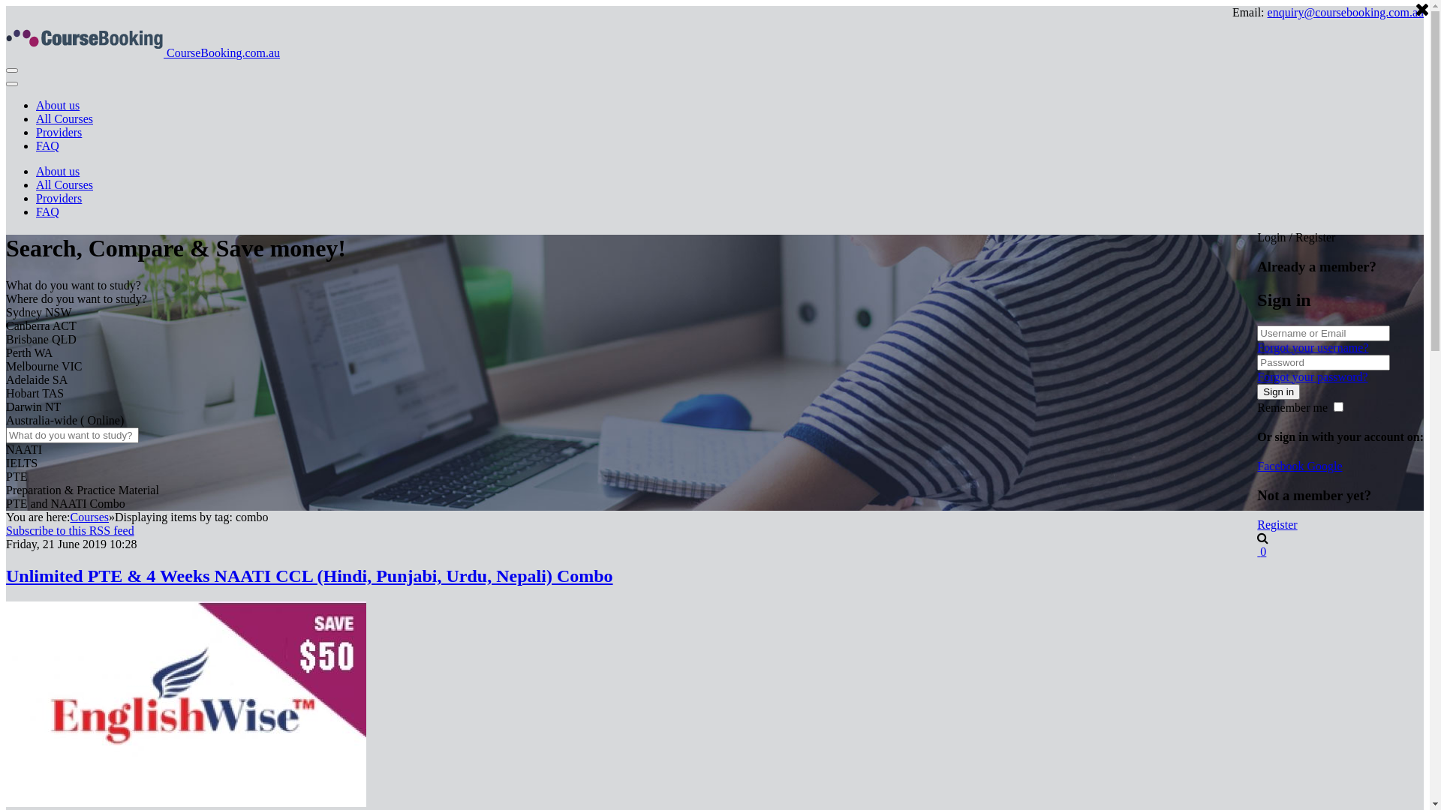 This screenshot has height=810, width=1441. I want to click on 'Forgot your password?', so click(1257, 376).